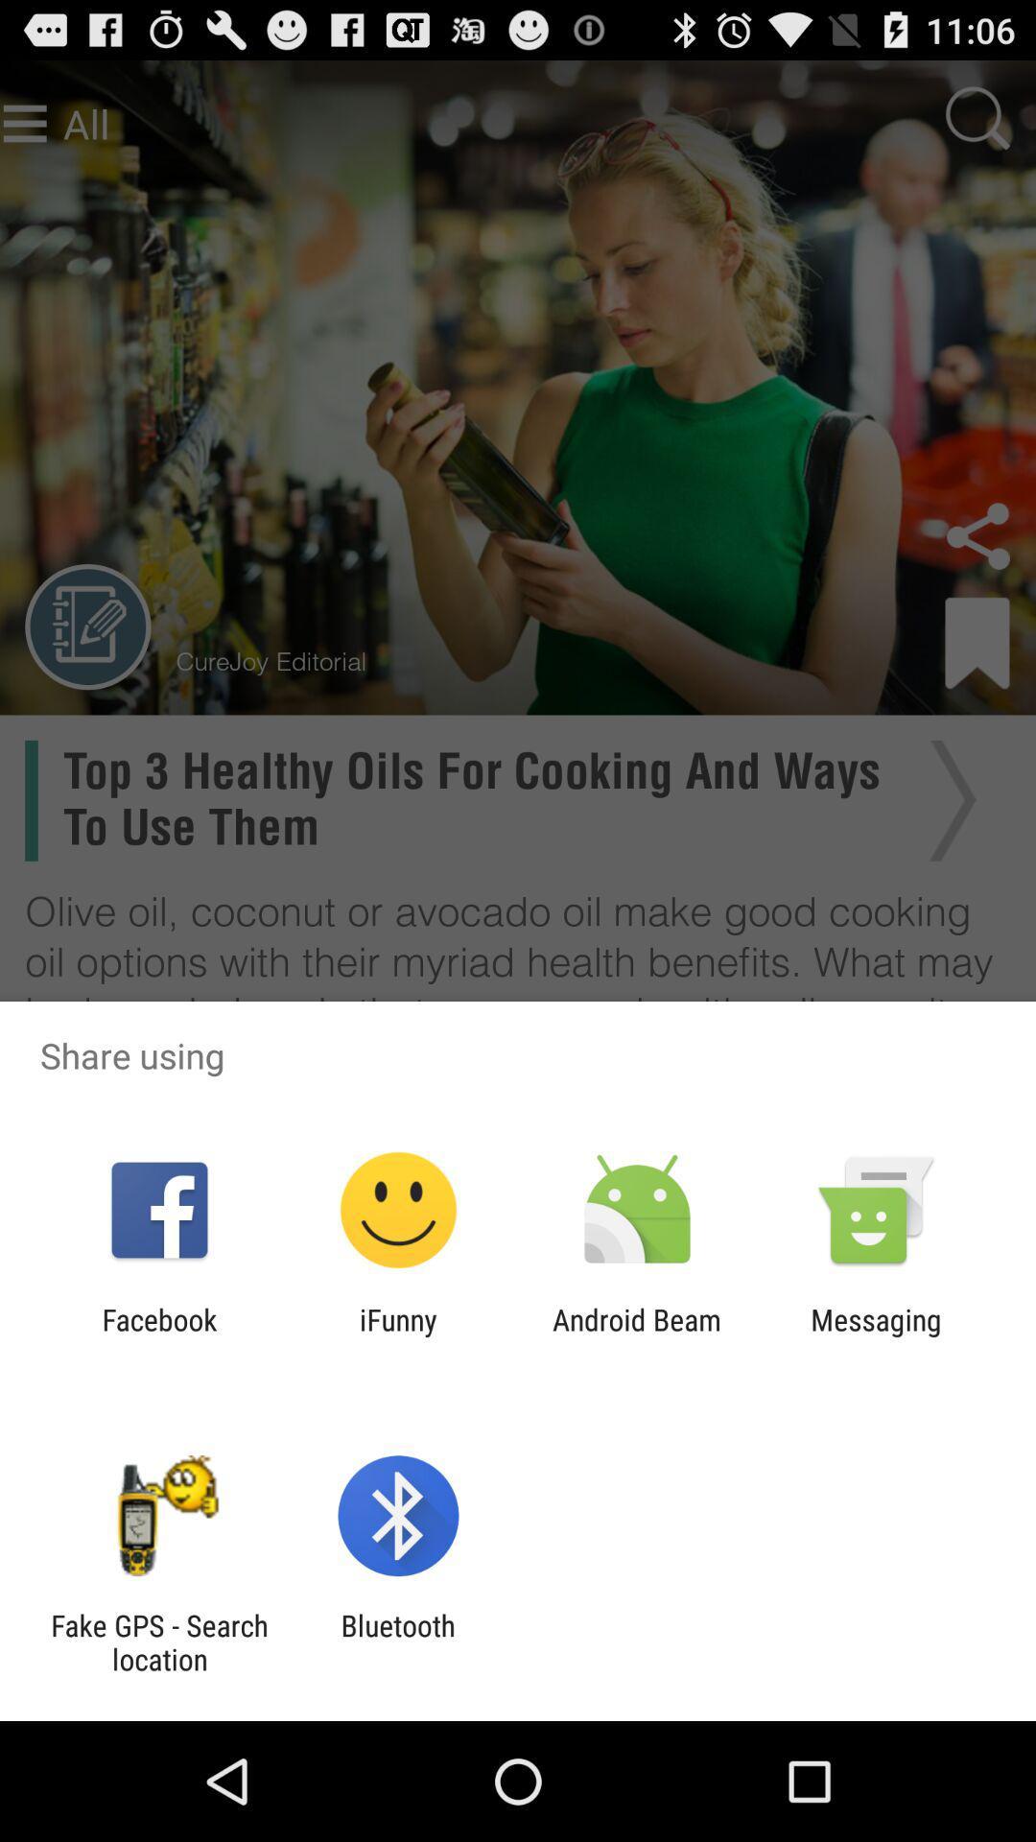  I want to click on app next to the ifunny, so click(158, 1335).